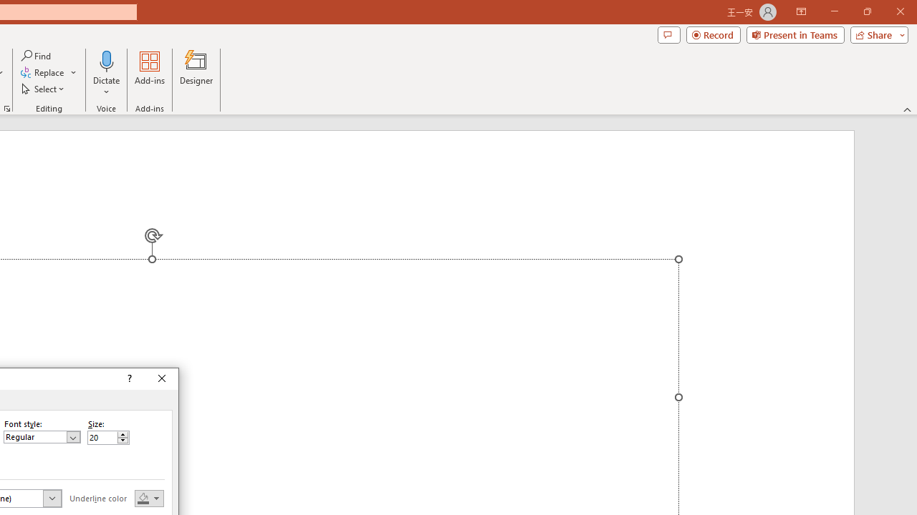  Describe the element at coordinates (123, 440) in the screenshot. I see `'Less'` at that location.